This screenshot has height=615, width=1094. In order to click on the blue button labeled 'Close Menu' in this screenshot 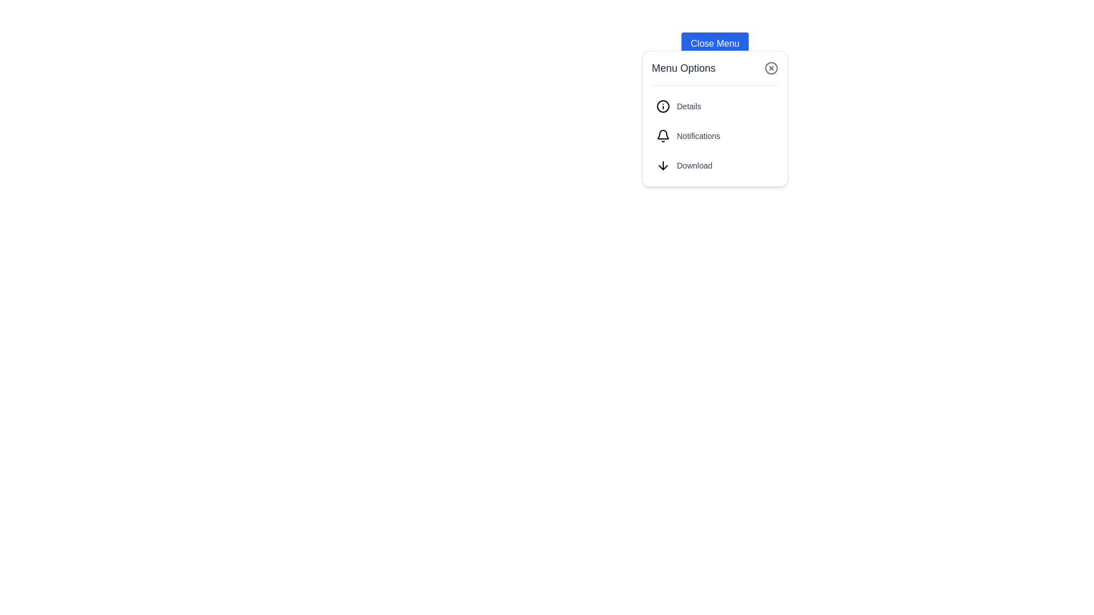, I will do `click(714, 43)`.